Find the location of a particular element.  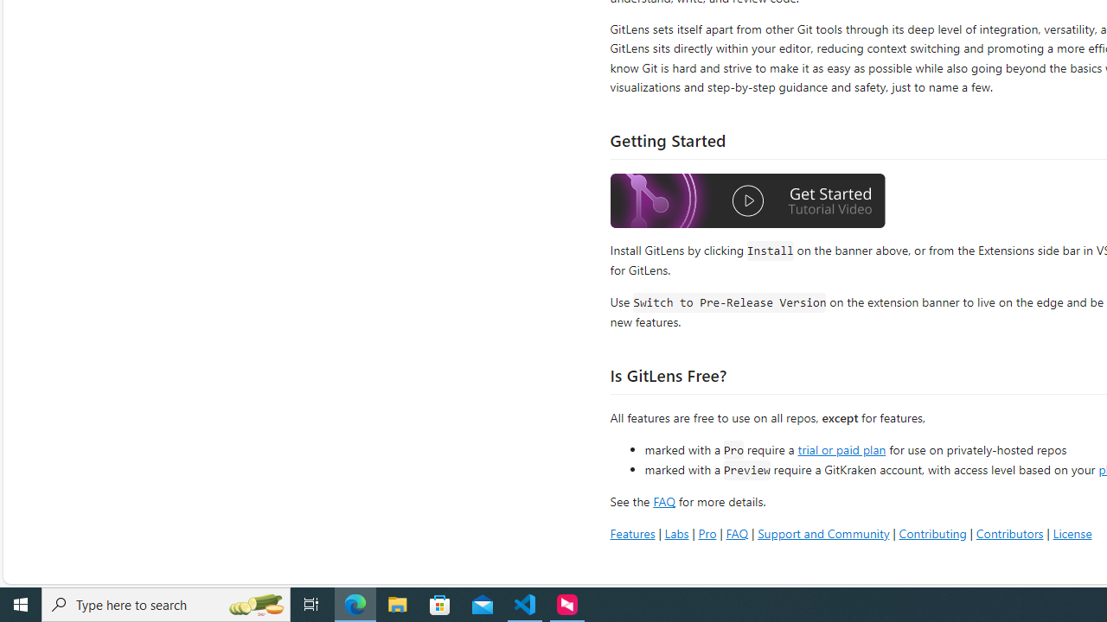

'trial or paid plan' is located at coordinates (841, 447).